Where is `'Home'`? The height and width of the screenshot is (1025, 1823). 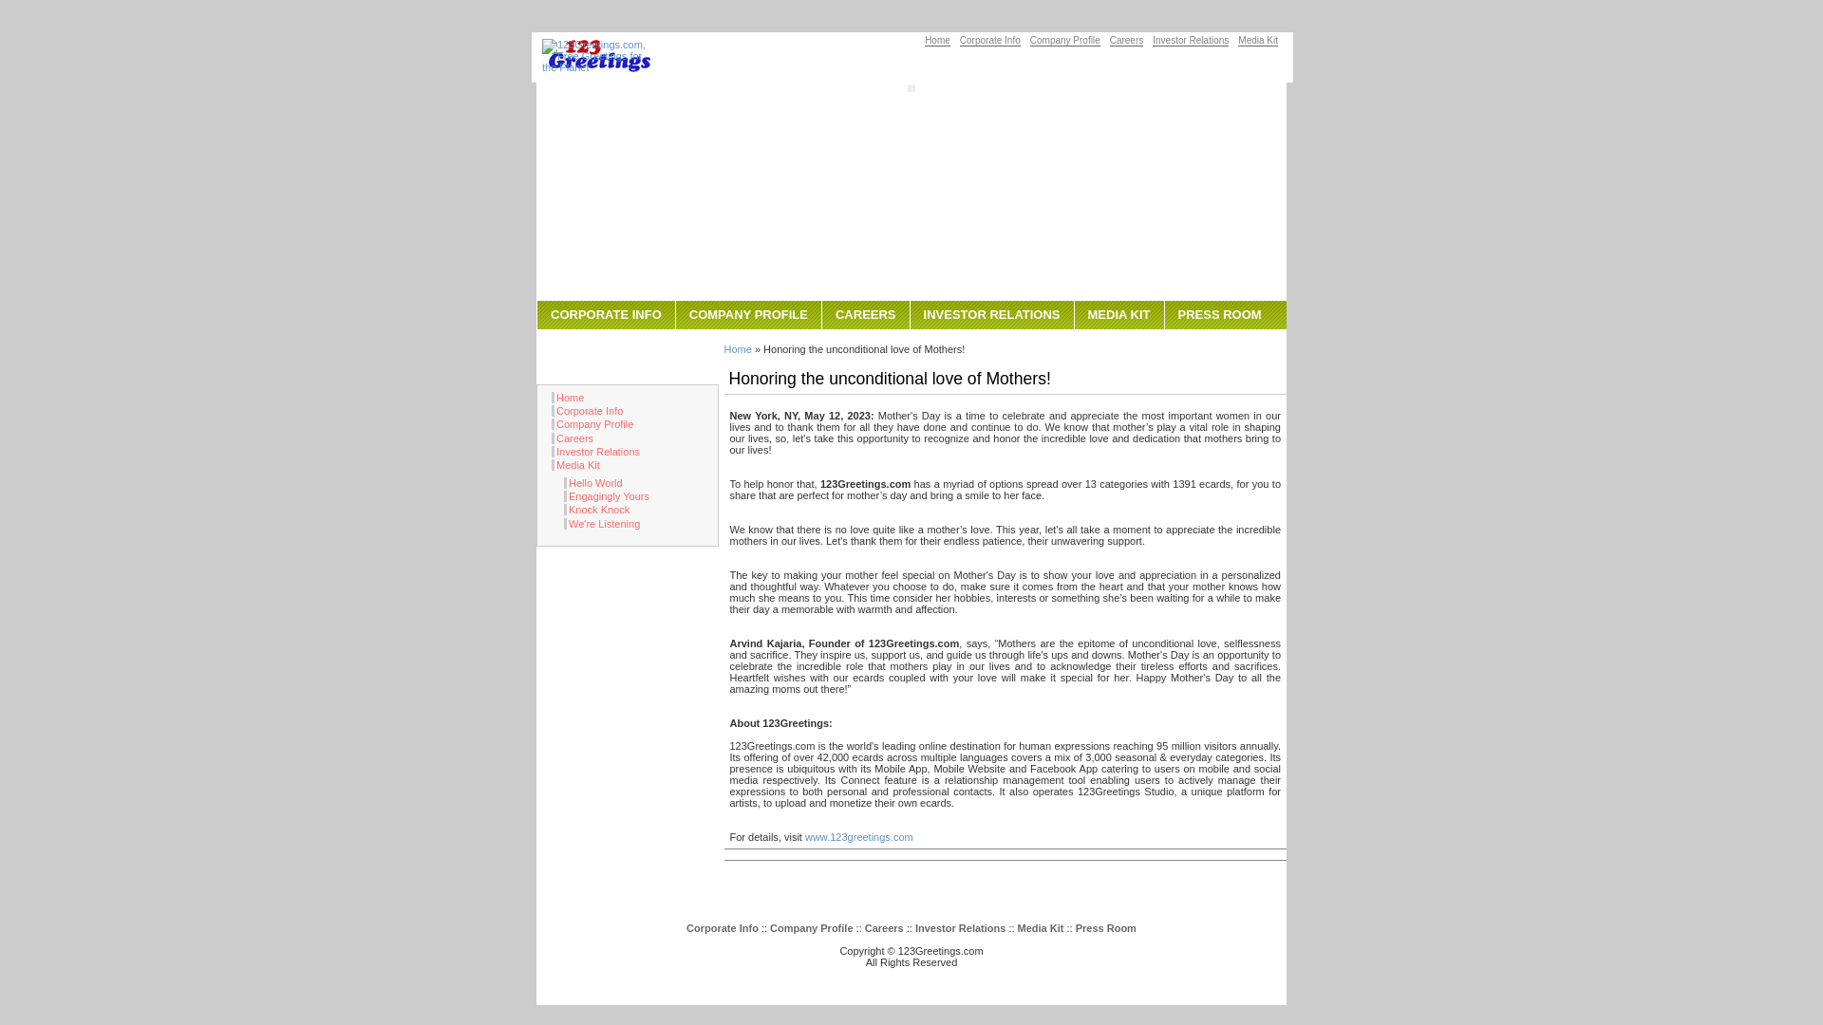 'Home' is located at coordinates (736, 348).